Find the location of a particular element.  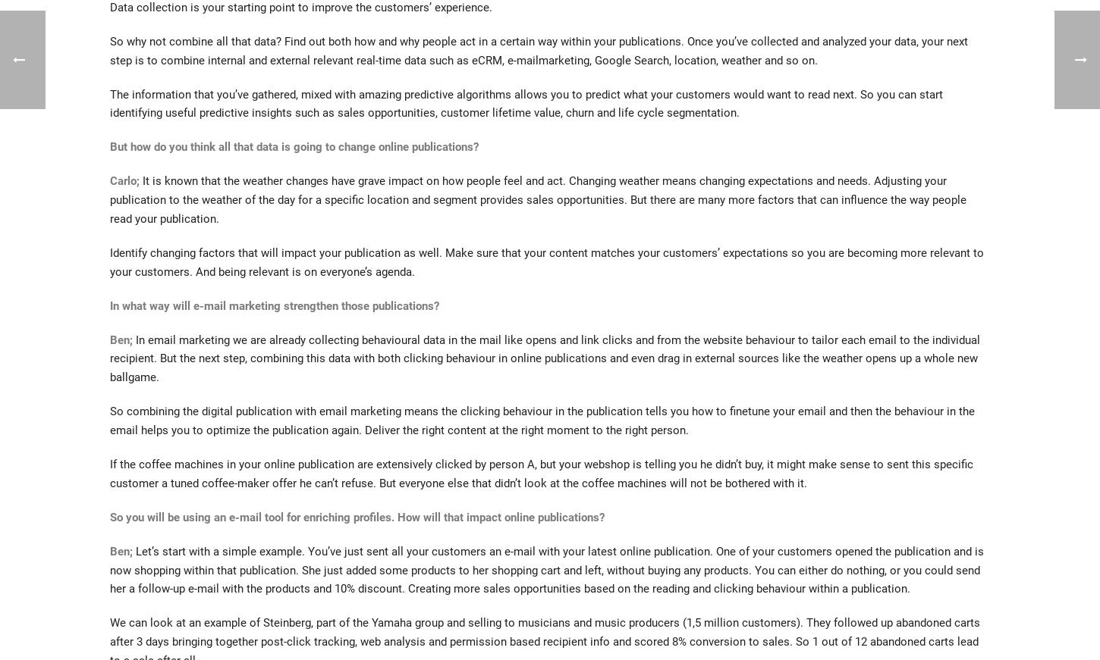

'Identify changing factors that will impact your publication as well. Make sure that your content matches your customers’ expectations so you are becoming more relevant to your customers. And being relevant is on everyone’s agenda.' is located at coordinates (545, 261).